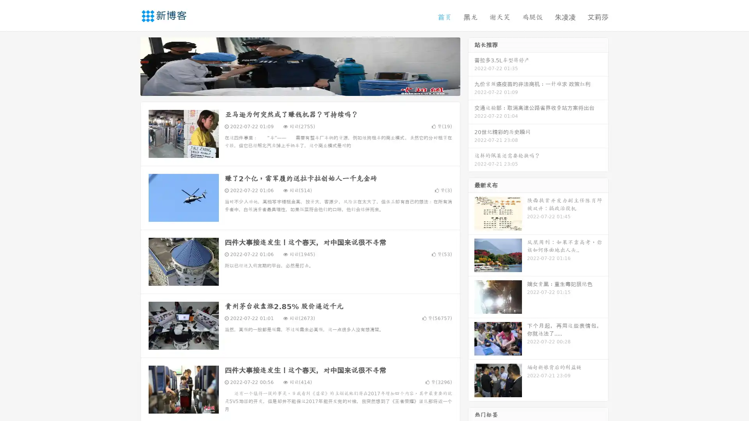 The image size is (749, 421). What do you see at coordinates (300, 88) in the screenshot?
I see `Go to slide 2` at bounding box center [300, 88].